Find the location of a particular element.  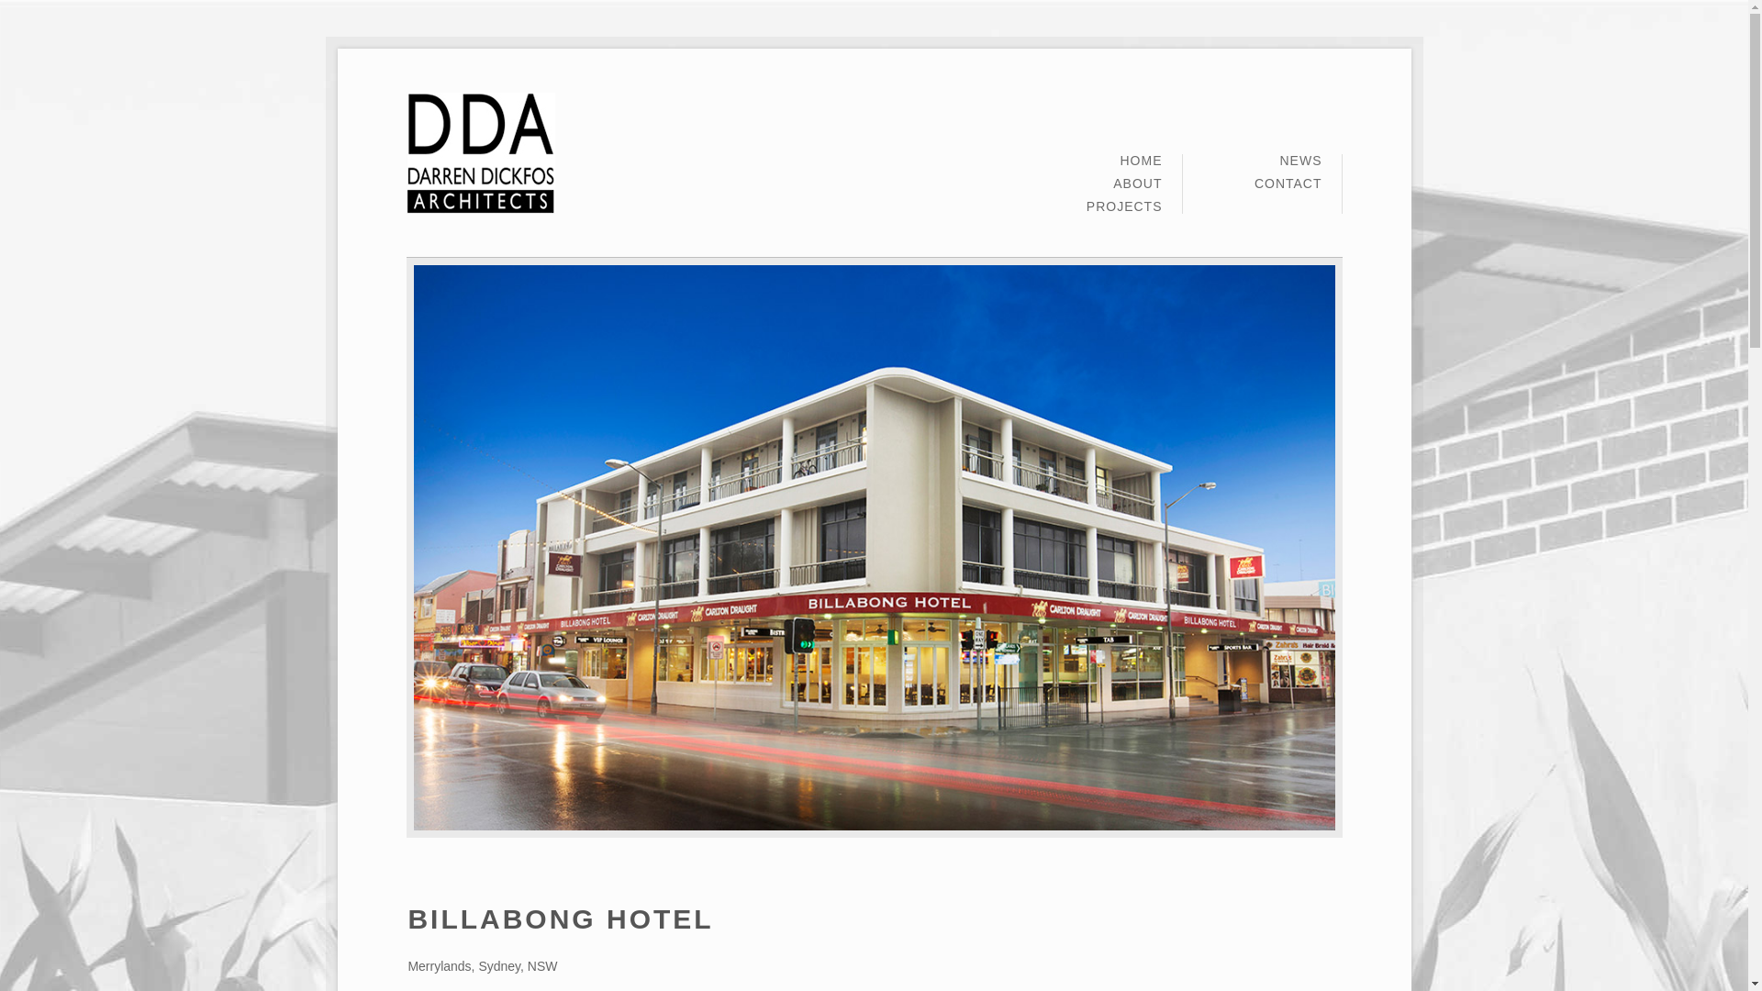

'Darren Dickfos Architects' is located at coordinates (404, 151).